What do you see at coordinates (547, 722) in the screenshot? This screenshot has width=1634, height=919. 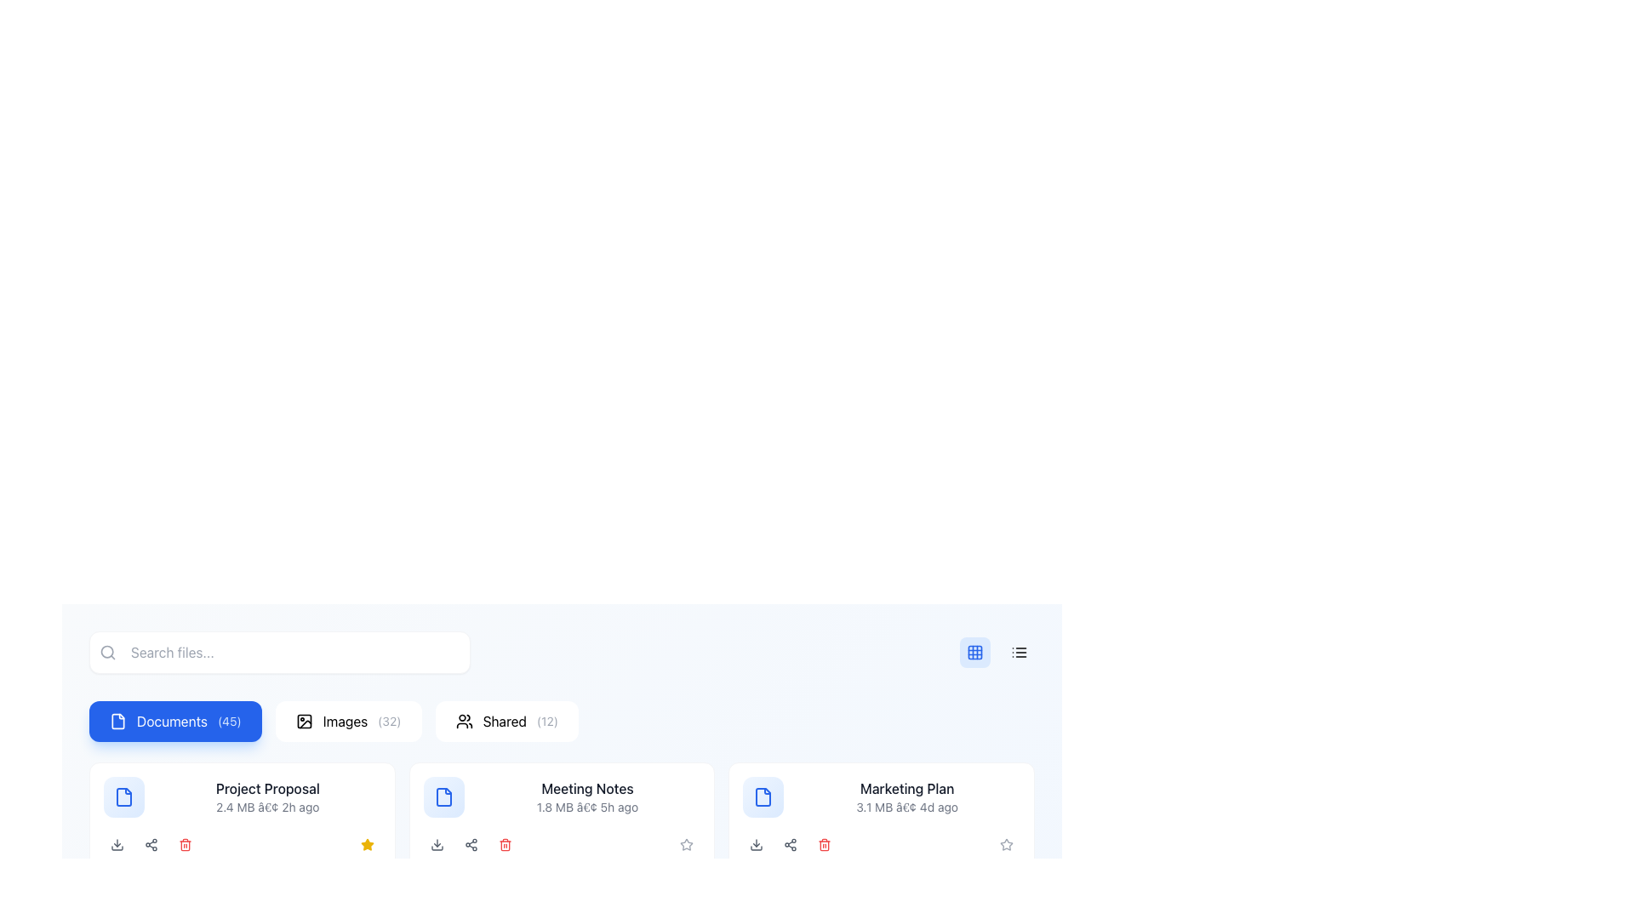 I see `the information presented in the Text label that indicates the count associated with the 'Shared' section, located to the right of the 'Shared' label` at bounding box center [547, 722].